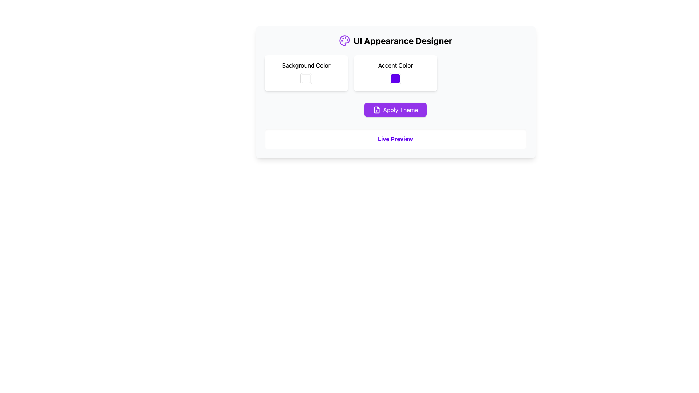  Describe the element at coordinates (306, 79) in the screenshot. I see `the Color block indicator located within the 'Background Color' box in the 'UI Appearance Designer' control panel` at that location.